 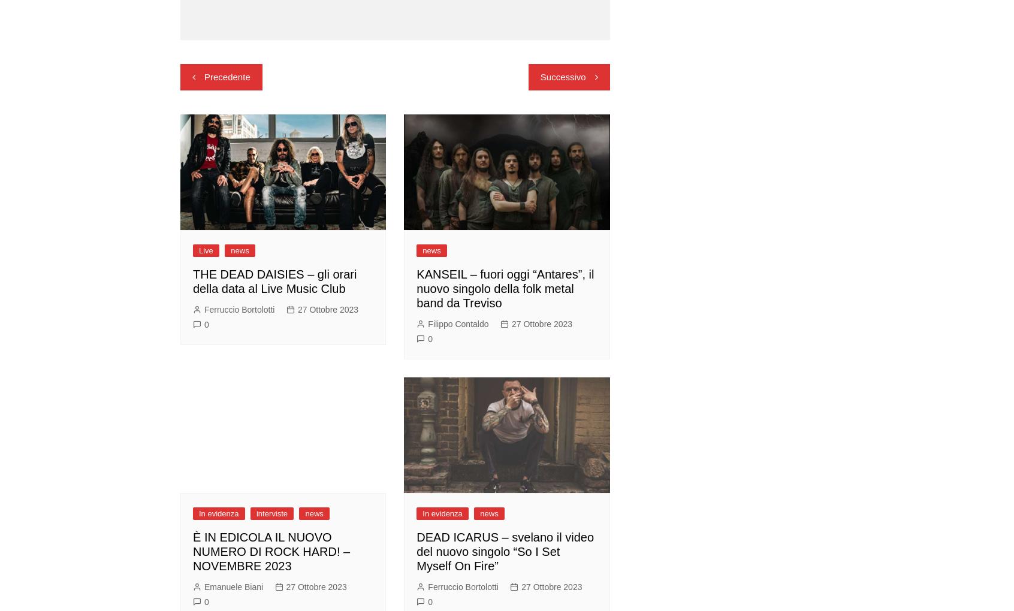 I want to click on 'Emanuele Biani', so click(x=203, y=586).